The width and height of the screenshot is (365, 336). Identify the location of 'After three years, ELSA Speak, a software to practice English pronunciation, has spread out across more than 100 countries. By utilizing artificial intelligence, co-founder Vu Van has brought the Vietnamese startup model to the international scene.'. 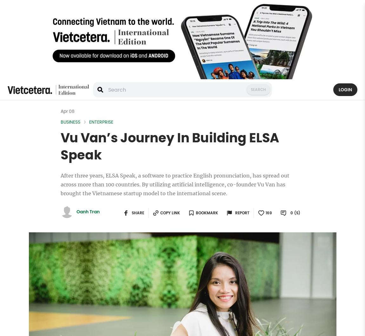
(60, 184).